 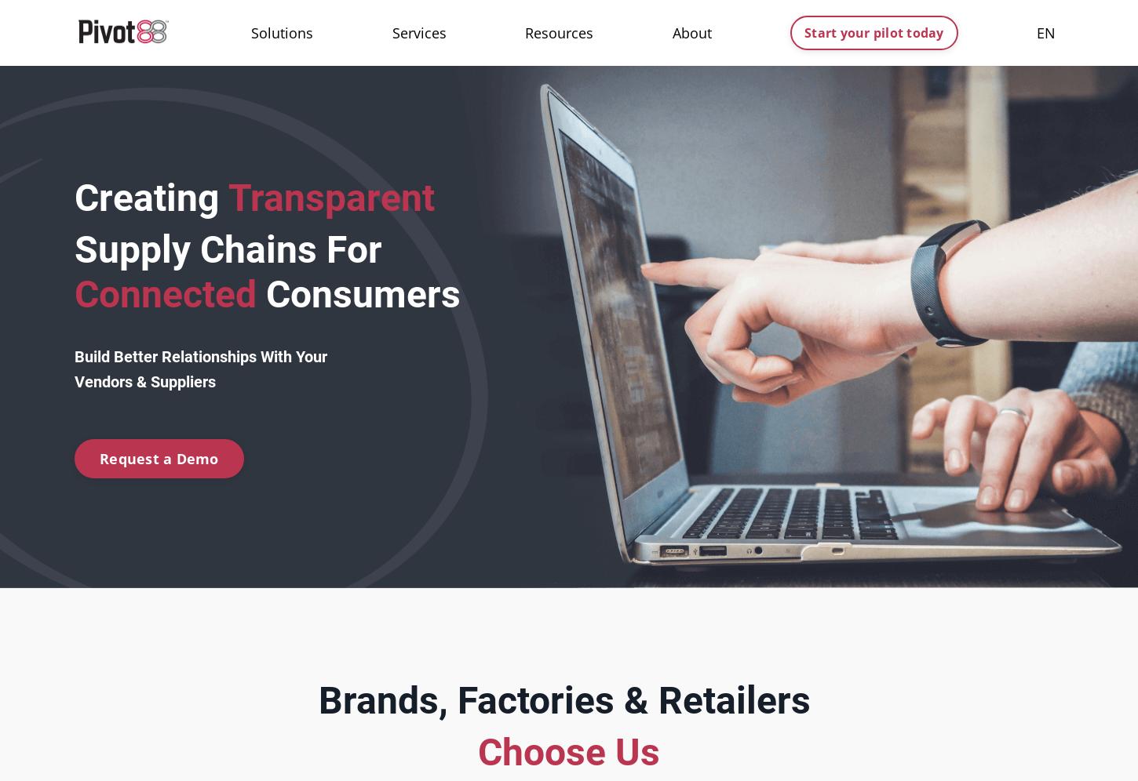 I want to click on 'Request a Demo', so click(x=158, y=457).